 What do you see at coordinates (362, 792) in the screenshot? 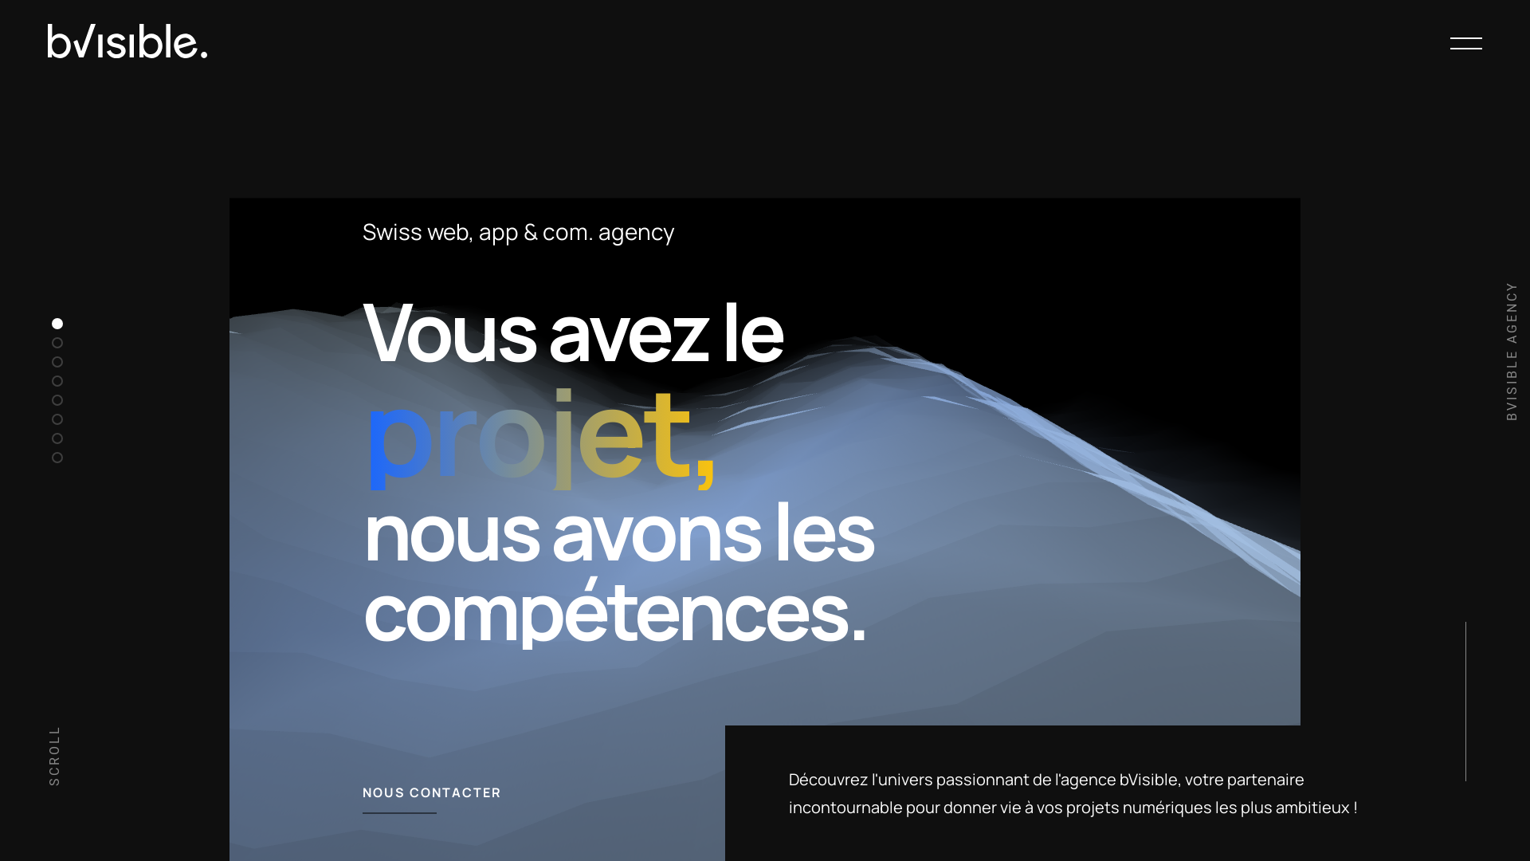
I see `'NOUS CONTACTER'` at bounding box center [362, 792].